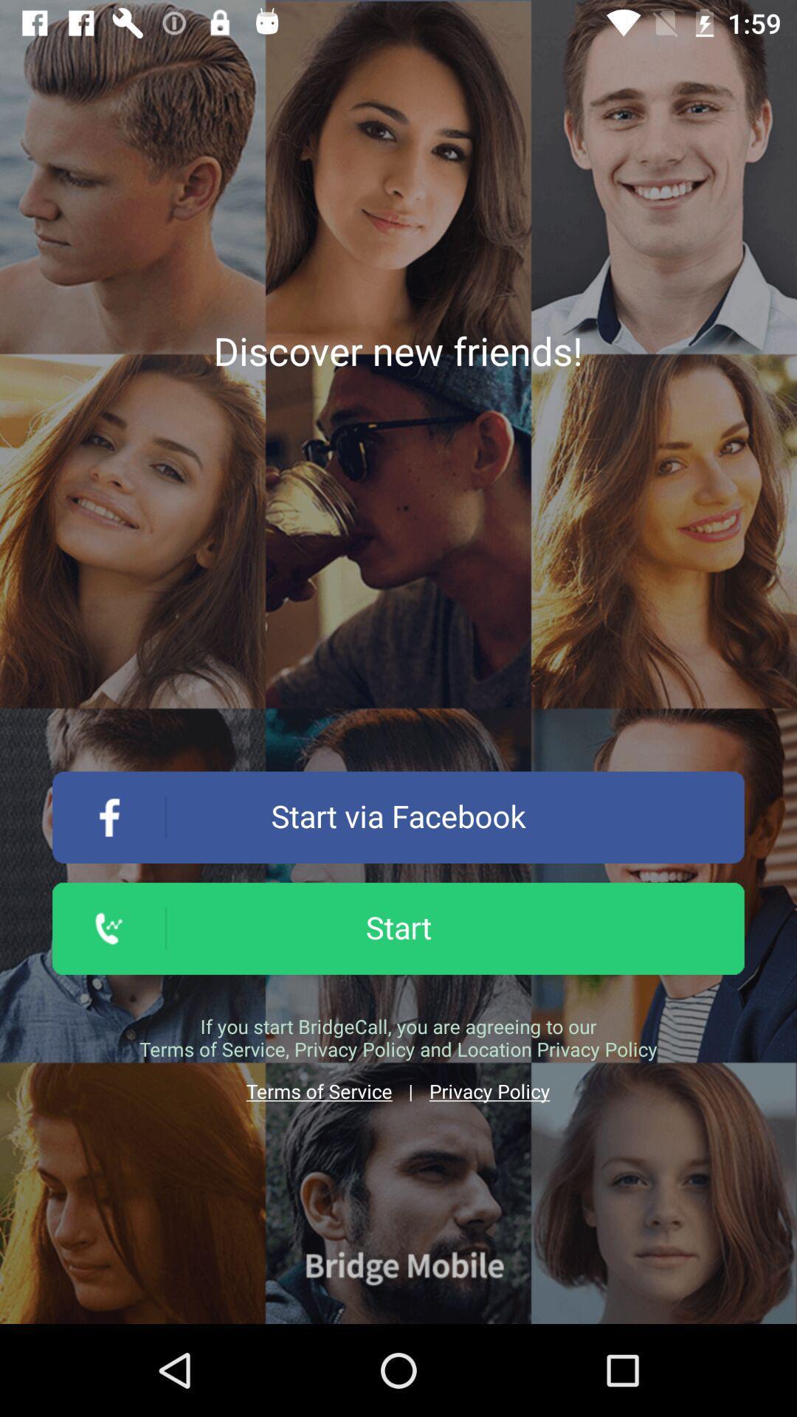 This screenshot has width=797, height=1417. What do you see at coordinates (397, 350) in the screenshot?
I see `discover new friends! icon` at bounding box center [397, 350].